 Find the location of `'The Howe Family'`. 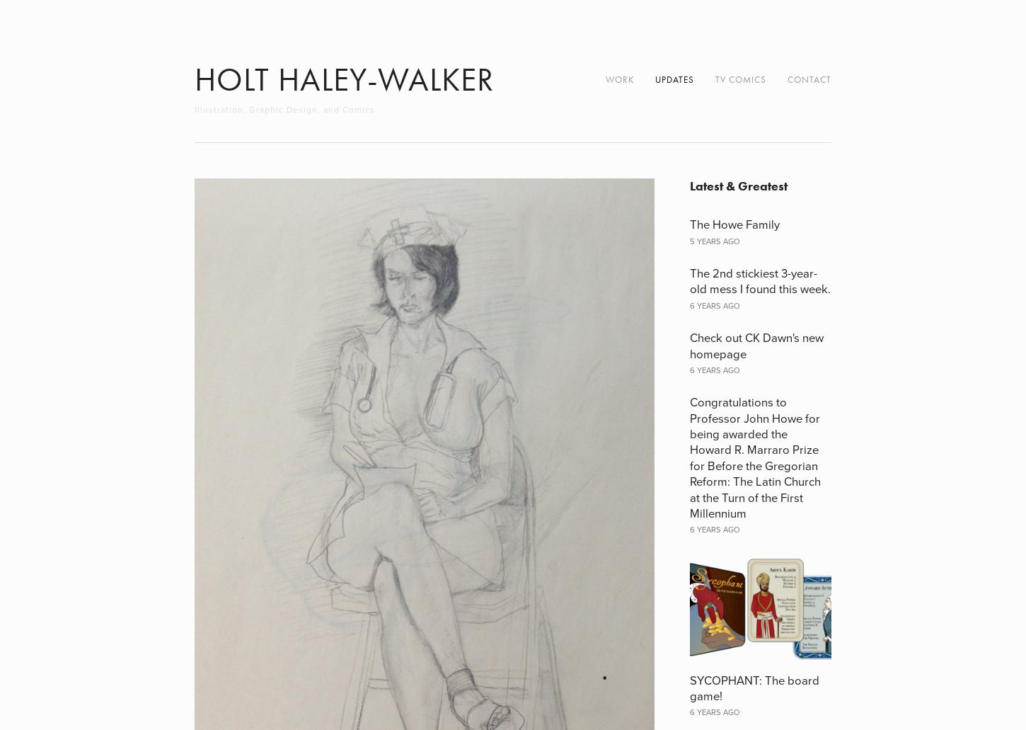

'The Howe Family' is located at coordinates (689, 224).